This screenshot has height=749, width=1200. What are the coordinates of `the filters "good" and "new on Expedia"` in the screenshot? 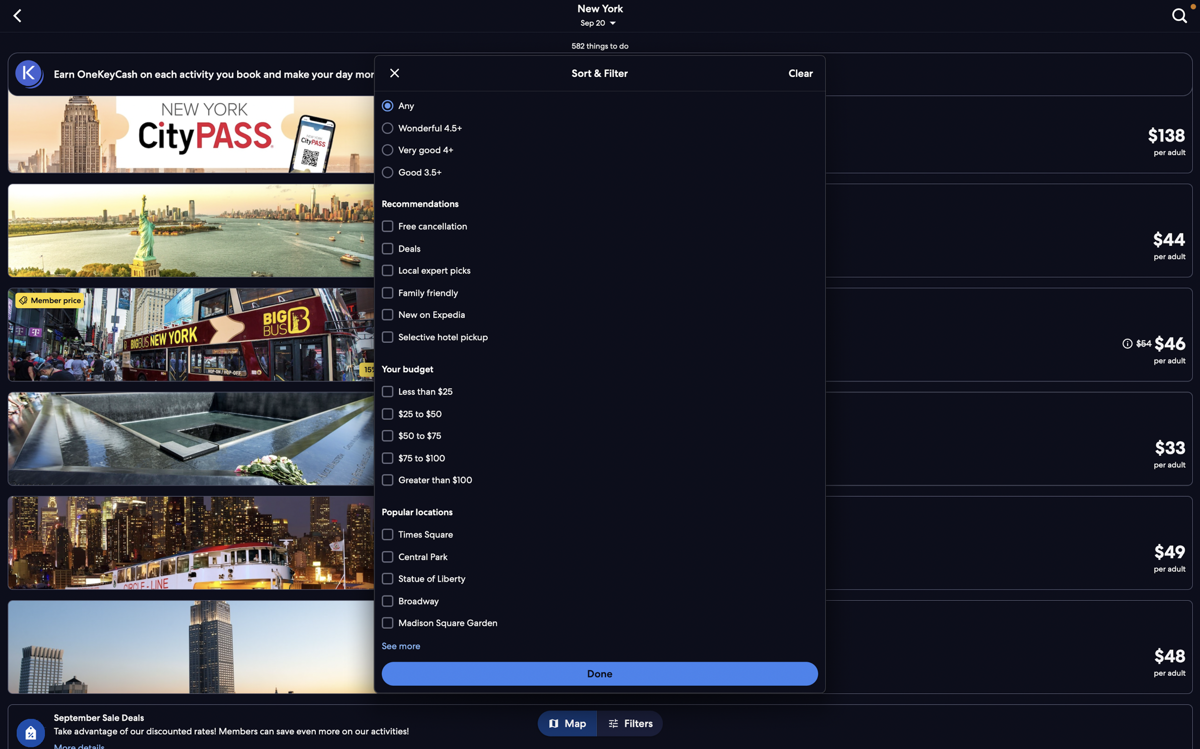 It's located at (598, 171).